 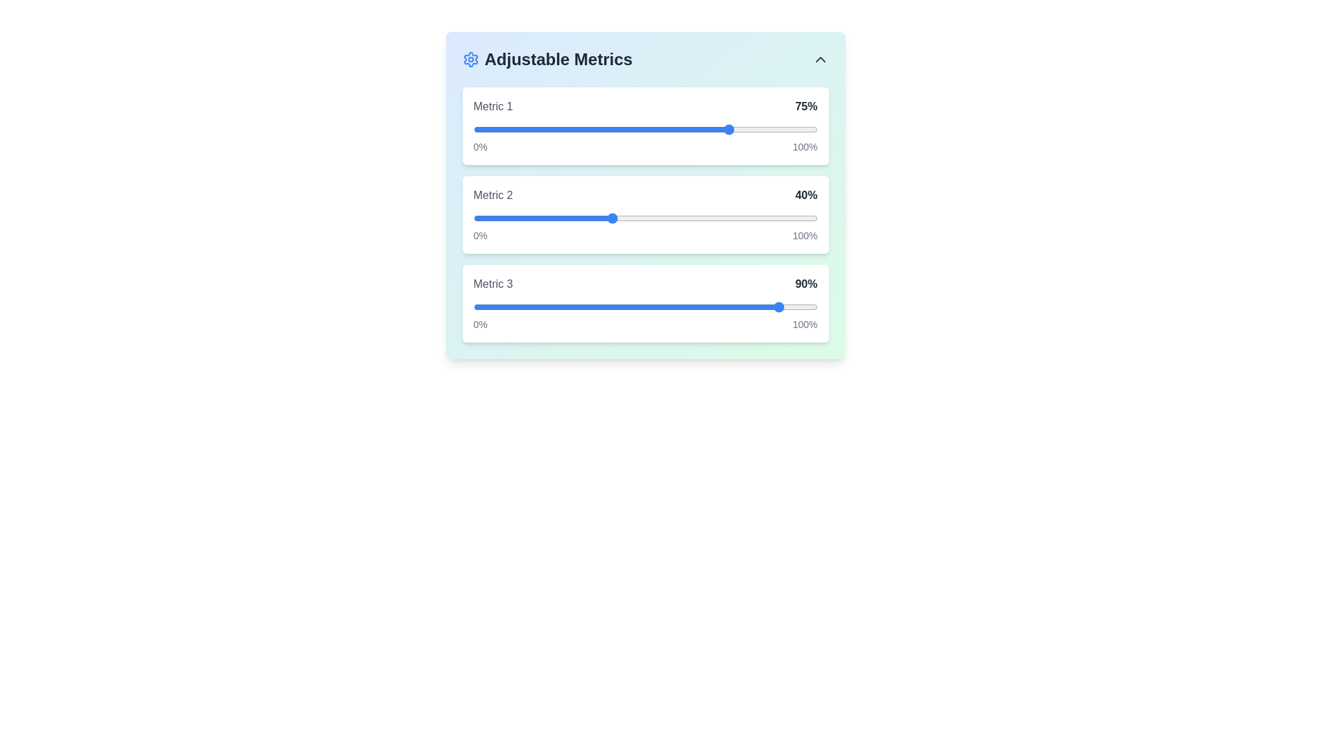 What do you see at coordinates (655, 218) in the screenshot?
I see `the Metric 2 slider` at bounding box center [655, 218].